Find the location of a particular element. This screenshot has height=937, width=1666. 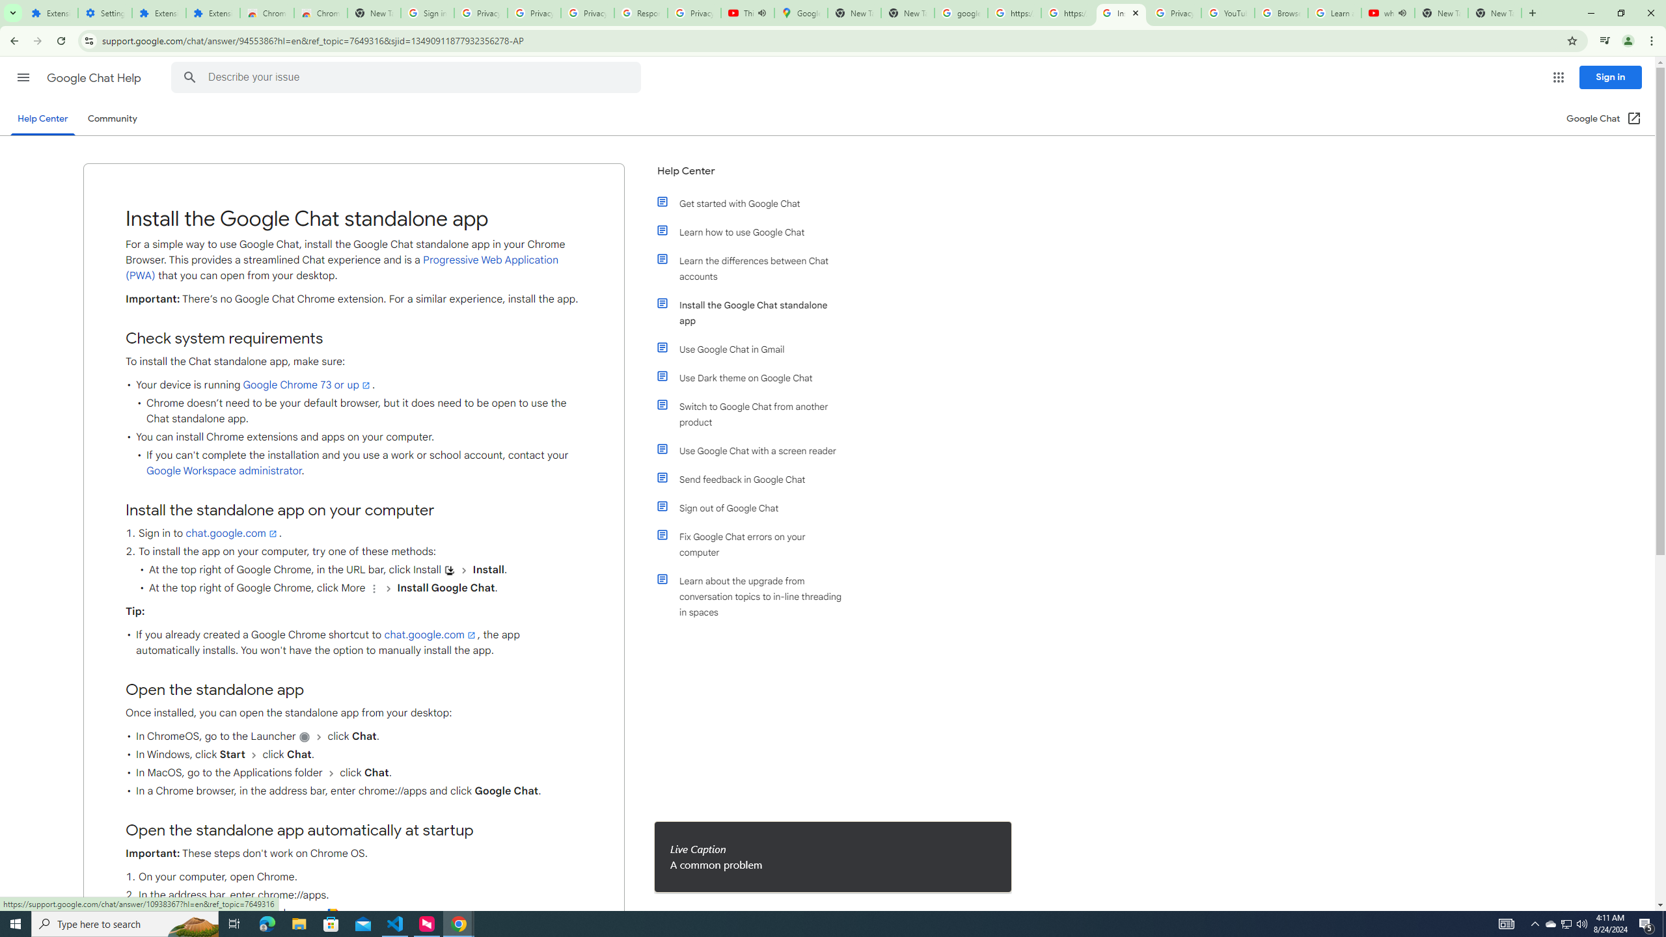

'Browse Chrome as a guest - Computer - Google Chrome Help' is located at coordinates (1281, 12).